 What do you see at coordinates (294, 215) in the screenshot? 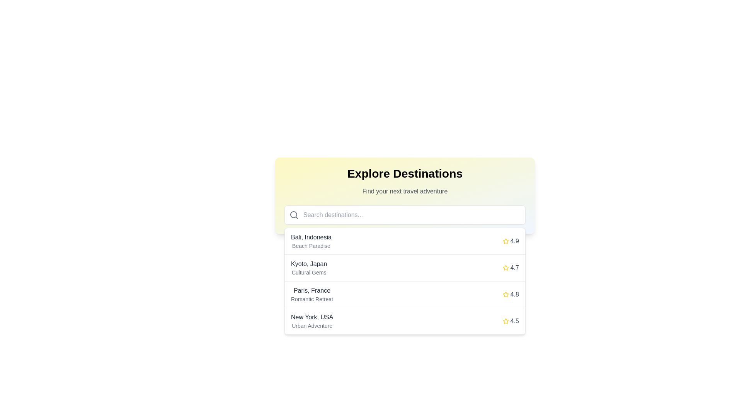
I see `the search function icon, styled as a magnifying glass, located at the far-left side inside the rectangular search bar below the title 'Explore Destinations'` at bounding box center [294, 215].